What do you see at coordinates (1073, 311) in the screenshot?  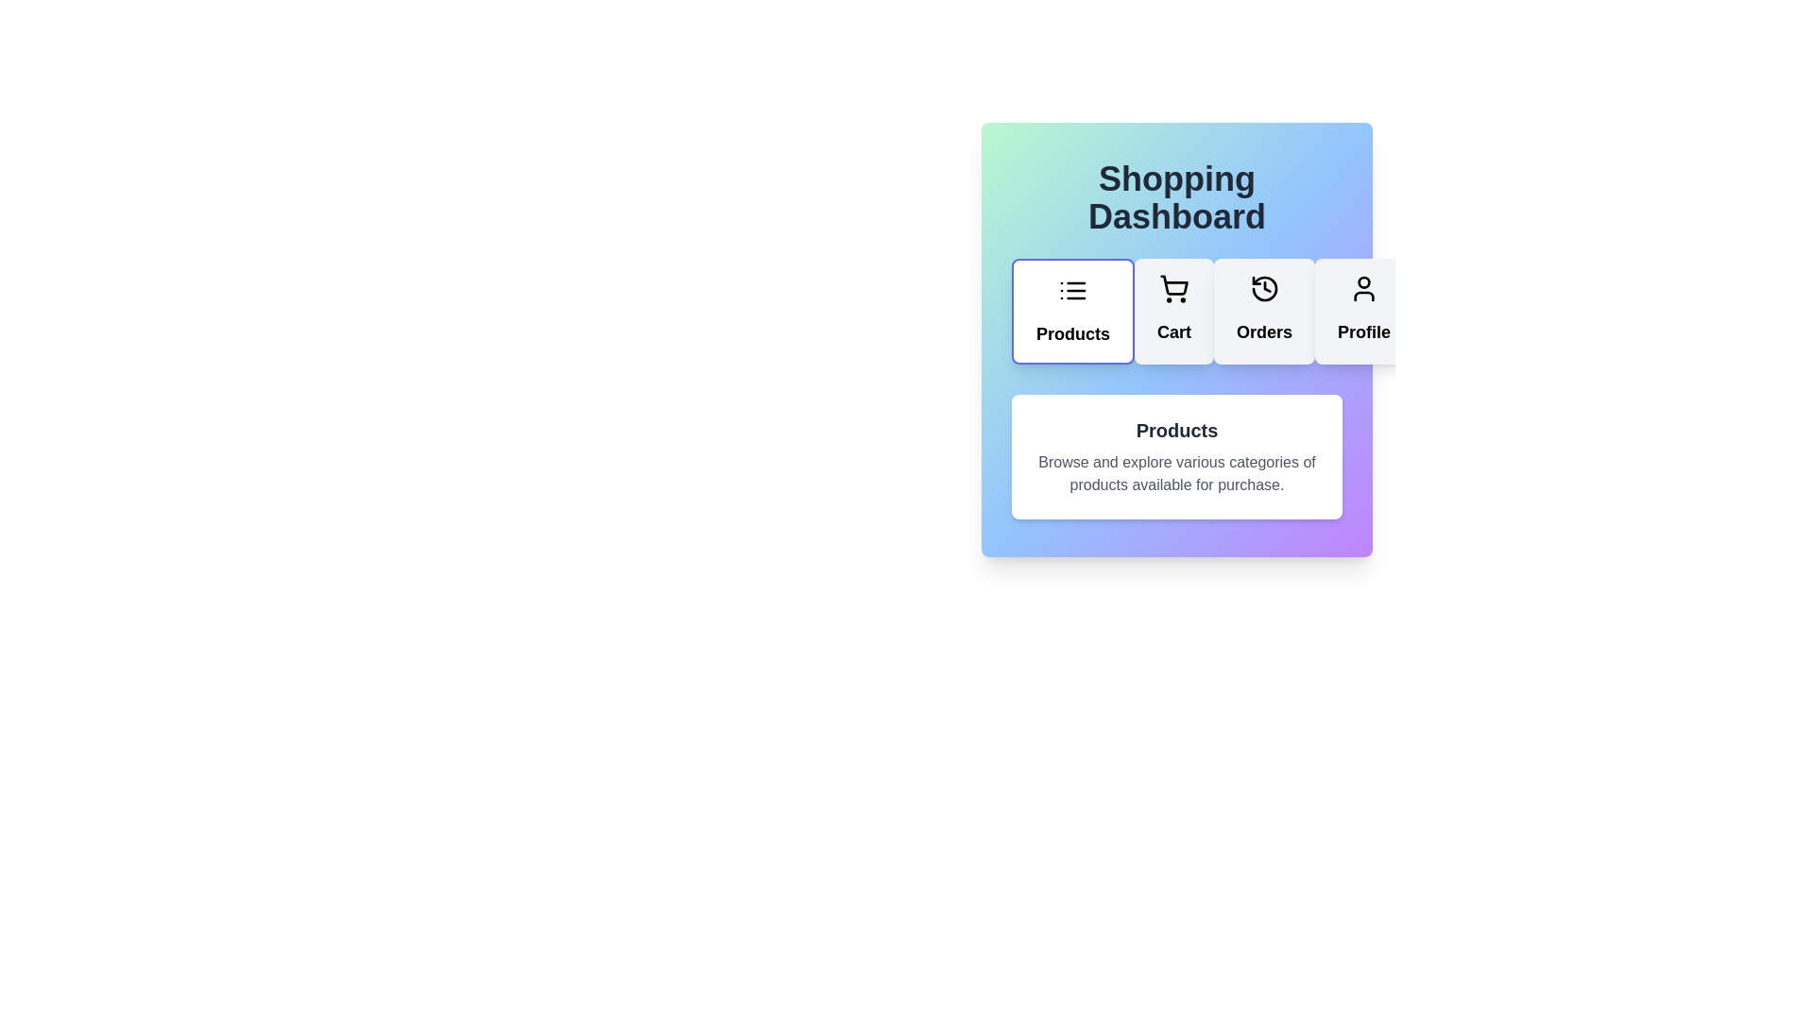 I see `the 'Products' tab to view the products section` at bounding box center [1073, 311].